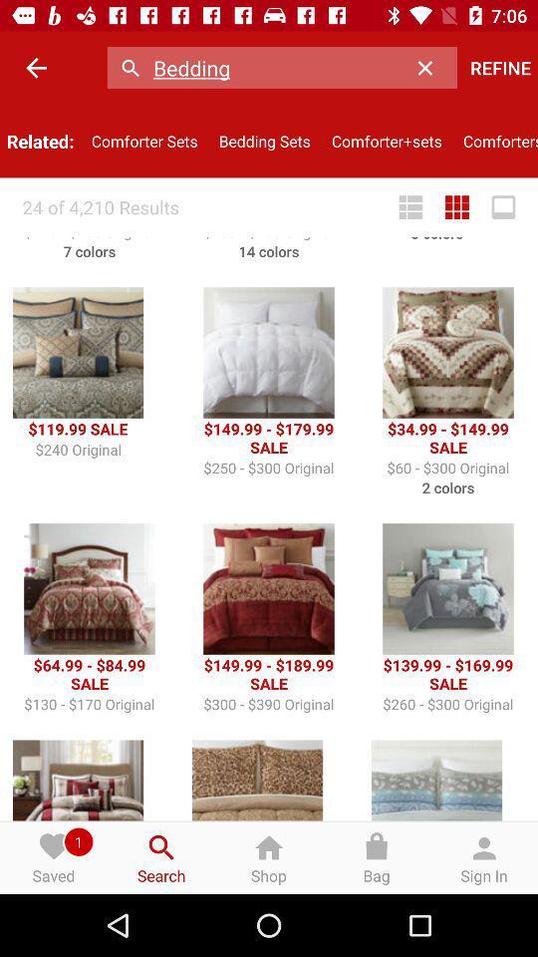 Image resolution: width=538 pixels, height=957 pixels. Describe the element at coordinates (409, 207) in the screenshot. I see `the item above the 3 colors` at that location.